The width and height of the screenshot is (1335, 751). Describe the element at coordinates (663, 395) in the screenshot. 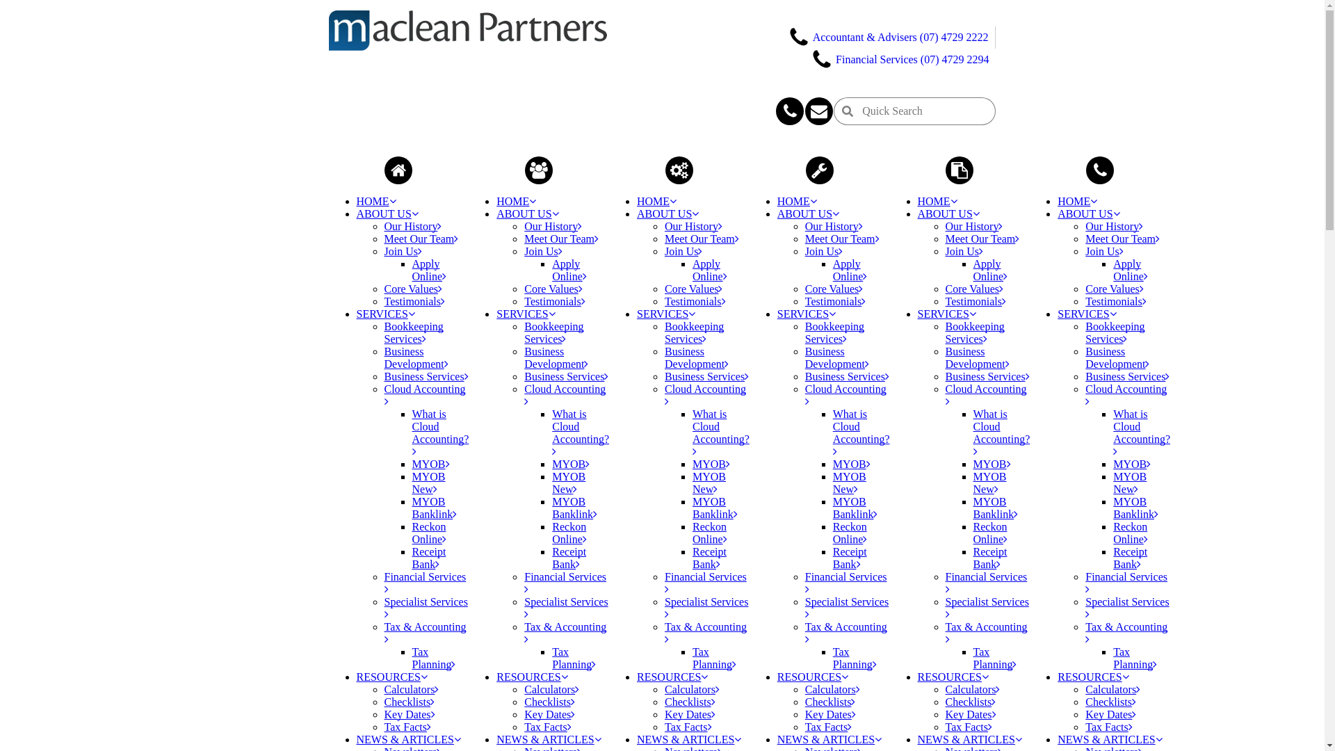

I see `'Cloud Accounting'` at that location.